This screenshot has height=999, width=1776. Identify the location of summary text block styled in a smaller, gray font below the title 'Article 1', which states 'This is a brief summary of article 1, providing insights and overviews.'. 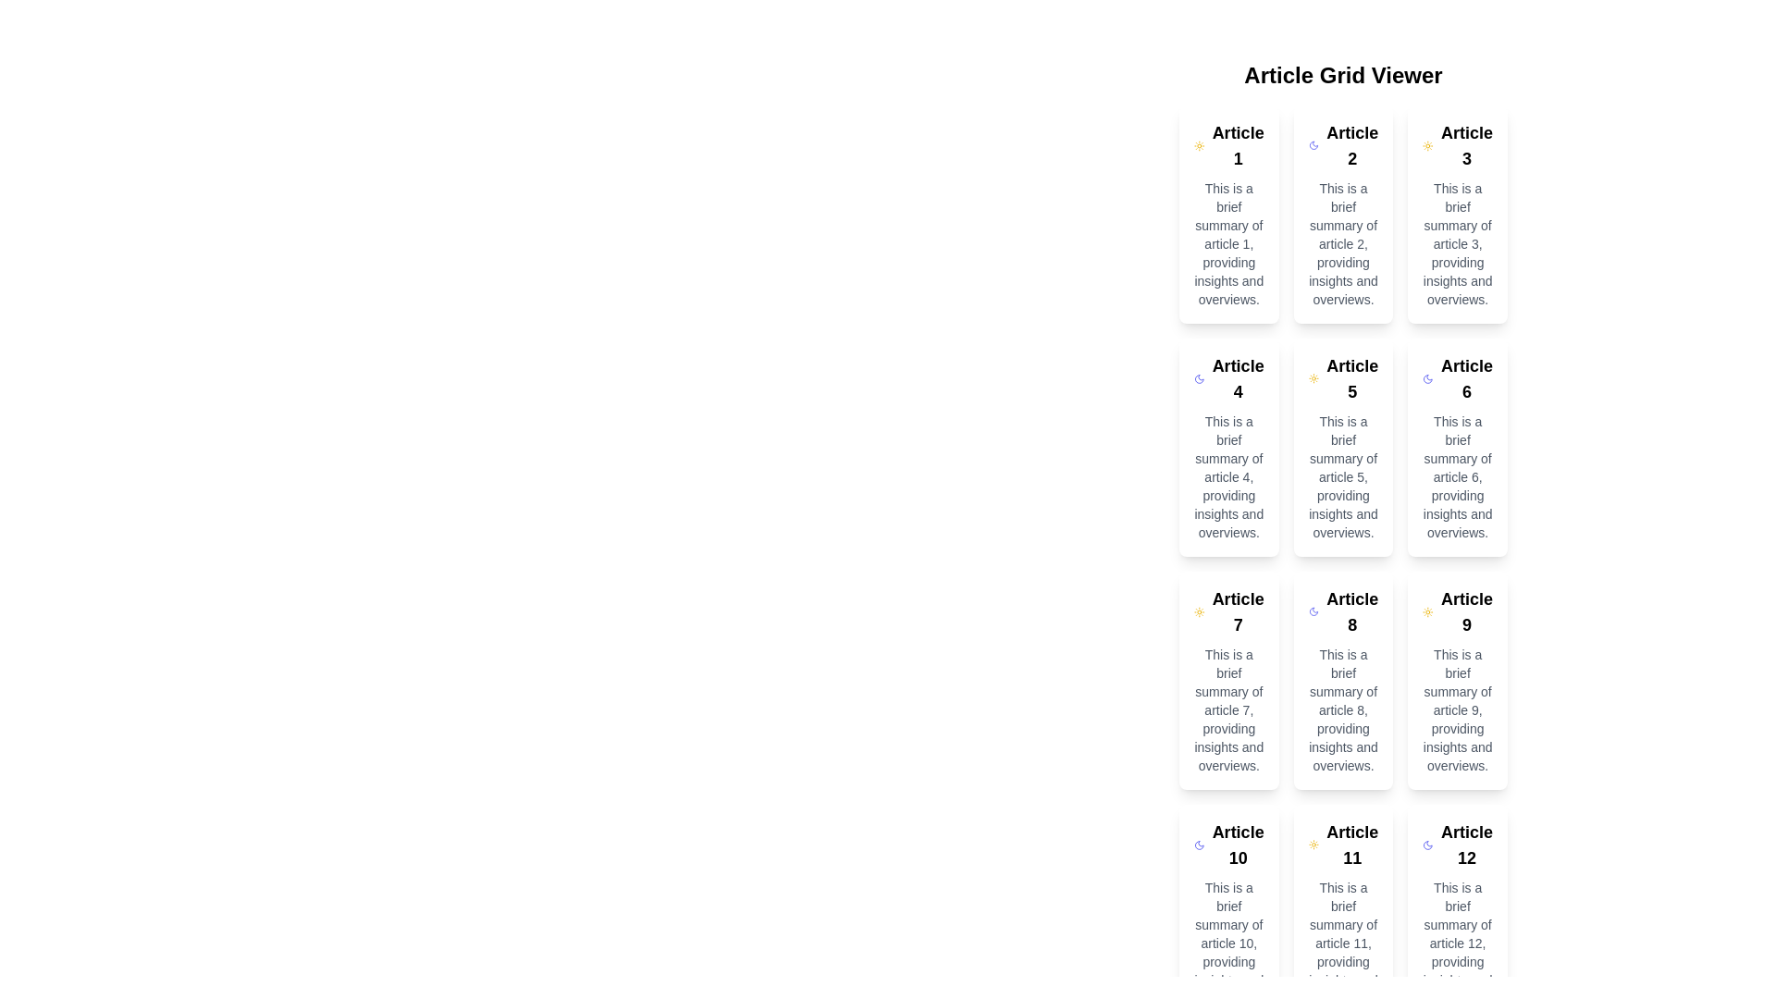
(1228, 242).